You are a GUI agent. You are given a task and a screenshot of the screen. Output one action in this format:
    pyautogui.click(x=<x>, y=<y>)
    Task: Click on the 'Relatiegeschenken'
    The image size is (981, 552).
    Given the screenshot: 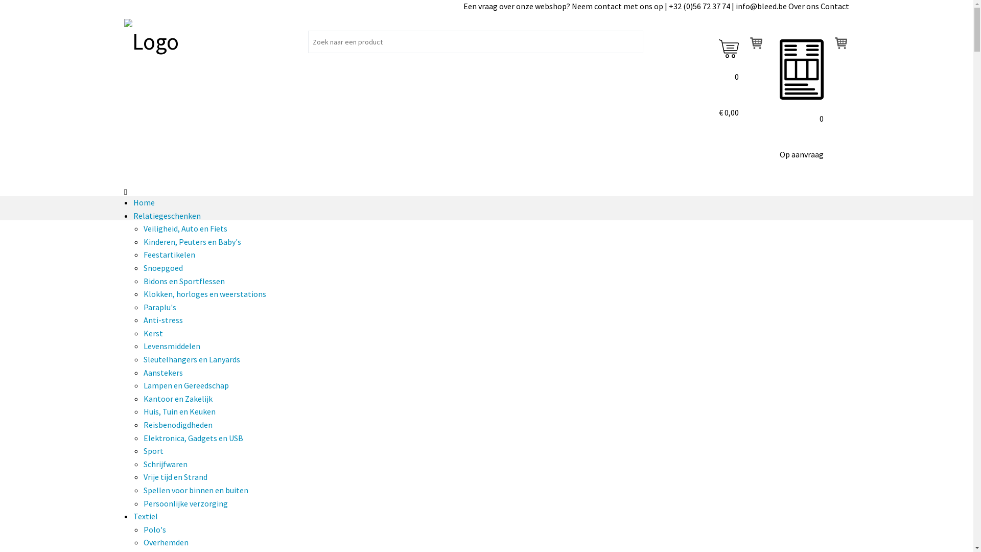 What is the action you would take?
    pyautogui.click(x=132, y=215)
    